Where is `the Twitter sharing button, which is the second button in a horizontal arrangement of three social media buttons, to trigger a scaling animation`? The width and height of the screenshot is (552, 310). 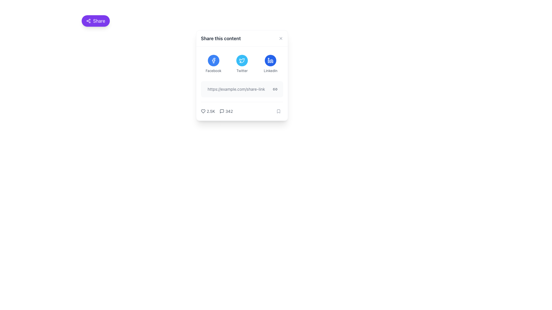
the Twitter sharing button, which is the second button in a horizontal arrangement of three social media buttons, to trigger a scaling animation is located at coordinates (242, 64).